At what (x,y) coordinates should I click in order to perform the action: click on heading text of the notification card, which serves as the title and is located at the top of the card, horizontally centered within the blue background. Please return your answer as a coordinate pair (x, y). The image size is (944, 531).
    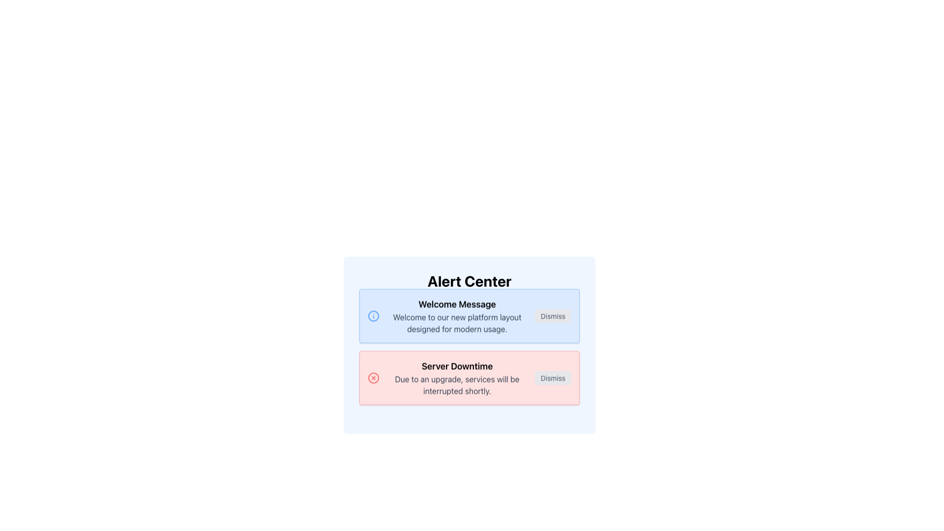
    Looking at the image, I should click on (457, 313).